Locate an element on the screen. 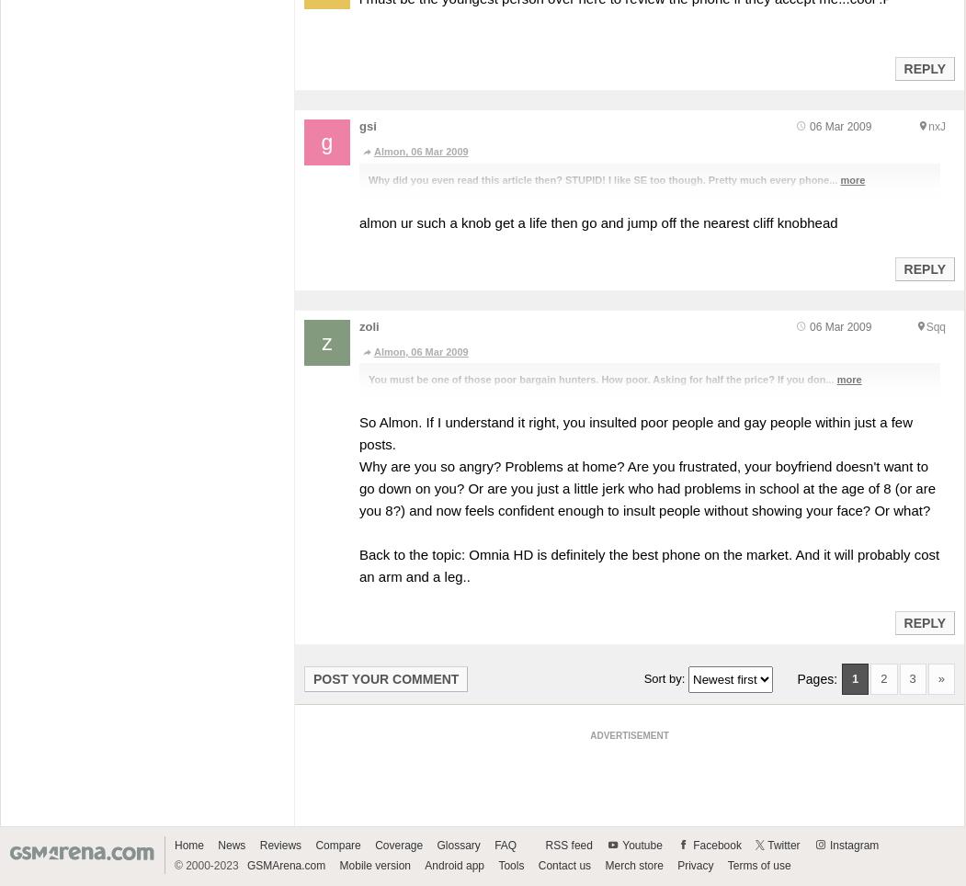 This screenshot has height=886, width=966. 'Youtube' is located at coordinates (641, 843).